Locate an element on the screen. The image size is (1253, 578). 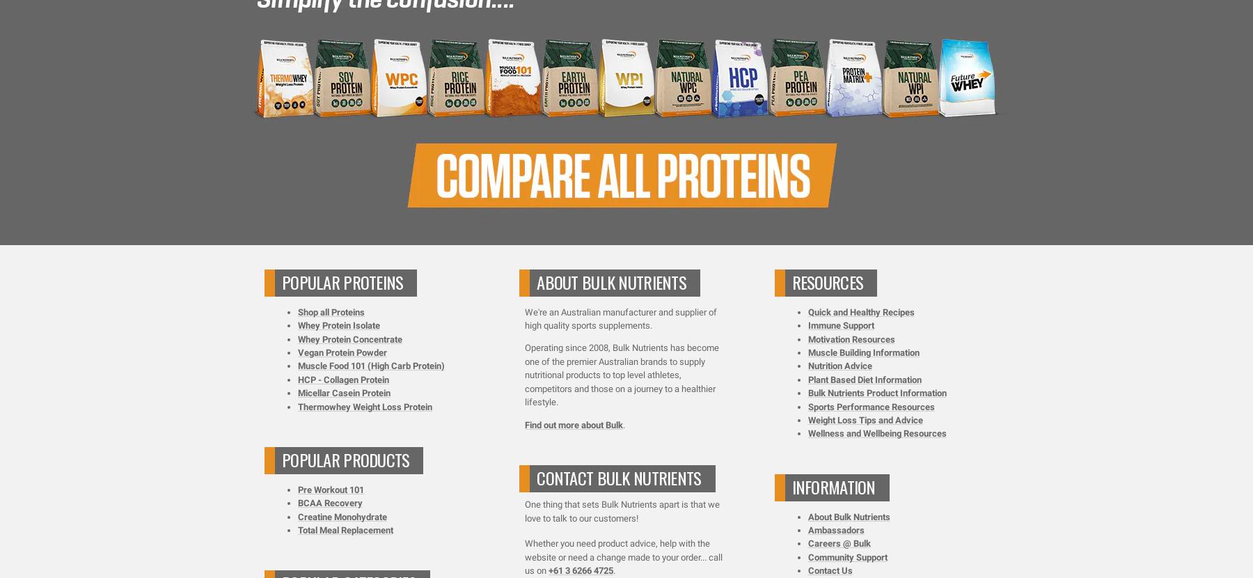
'Australian owned and operated.' is located at coordinates (631, 120).